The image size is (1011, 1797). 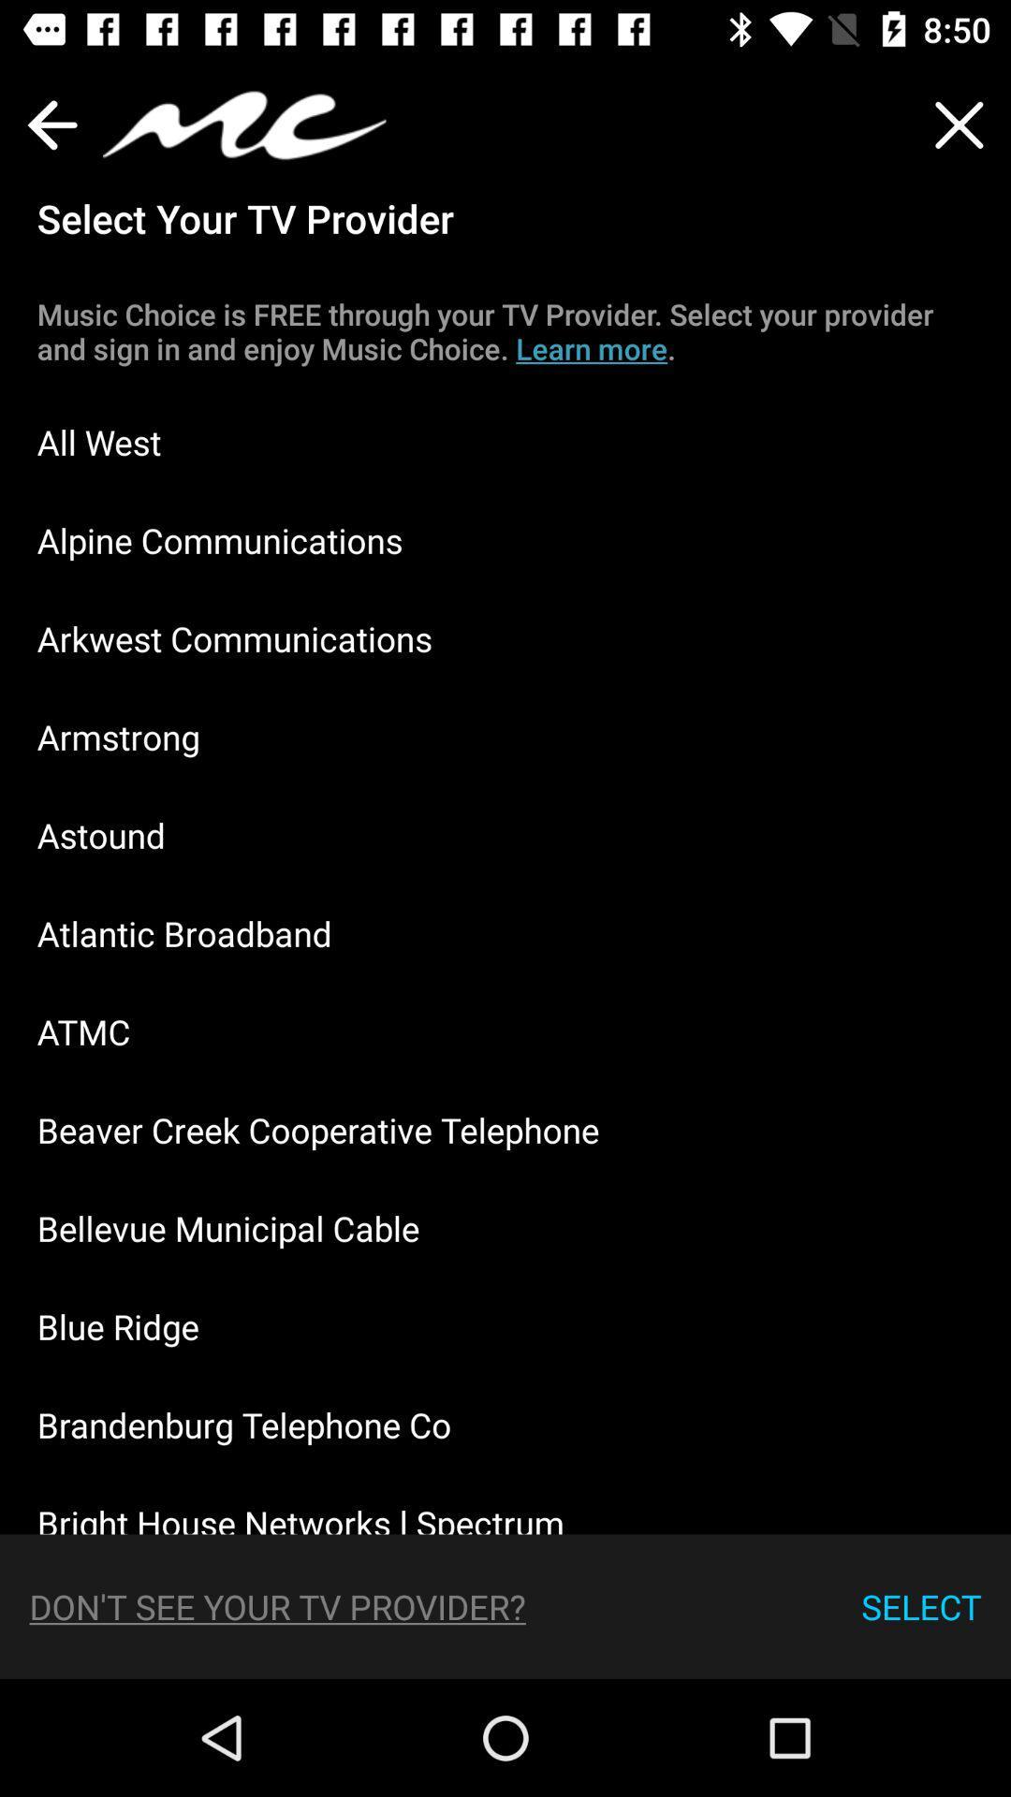 I want to click on the item above all west item, so click(x=505, y=331).